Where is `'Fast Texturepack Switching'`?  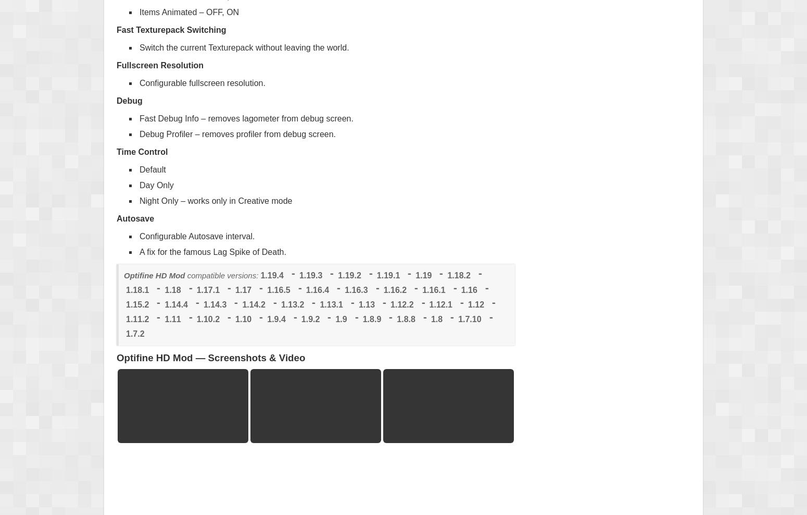 'Fast Texturepack Switching' is located at coordinates (116, 29).